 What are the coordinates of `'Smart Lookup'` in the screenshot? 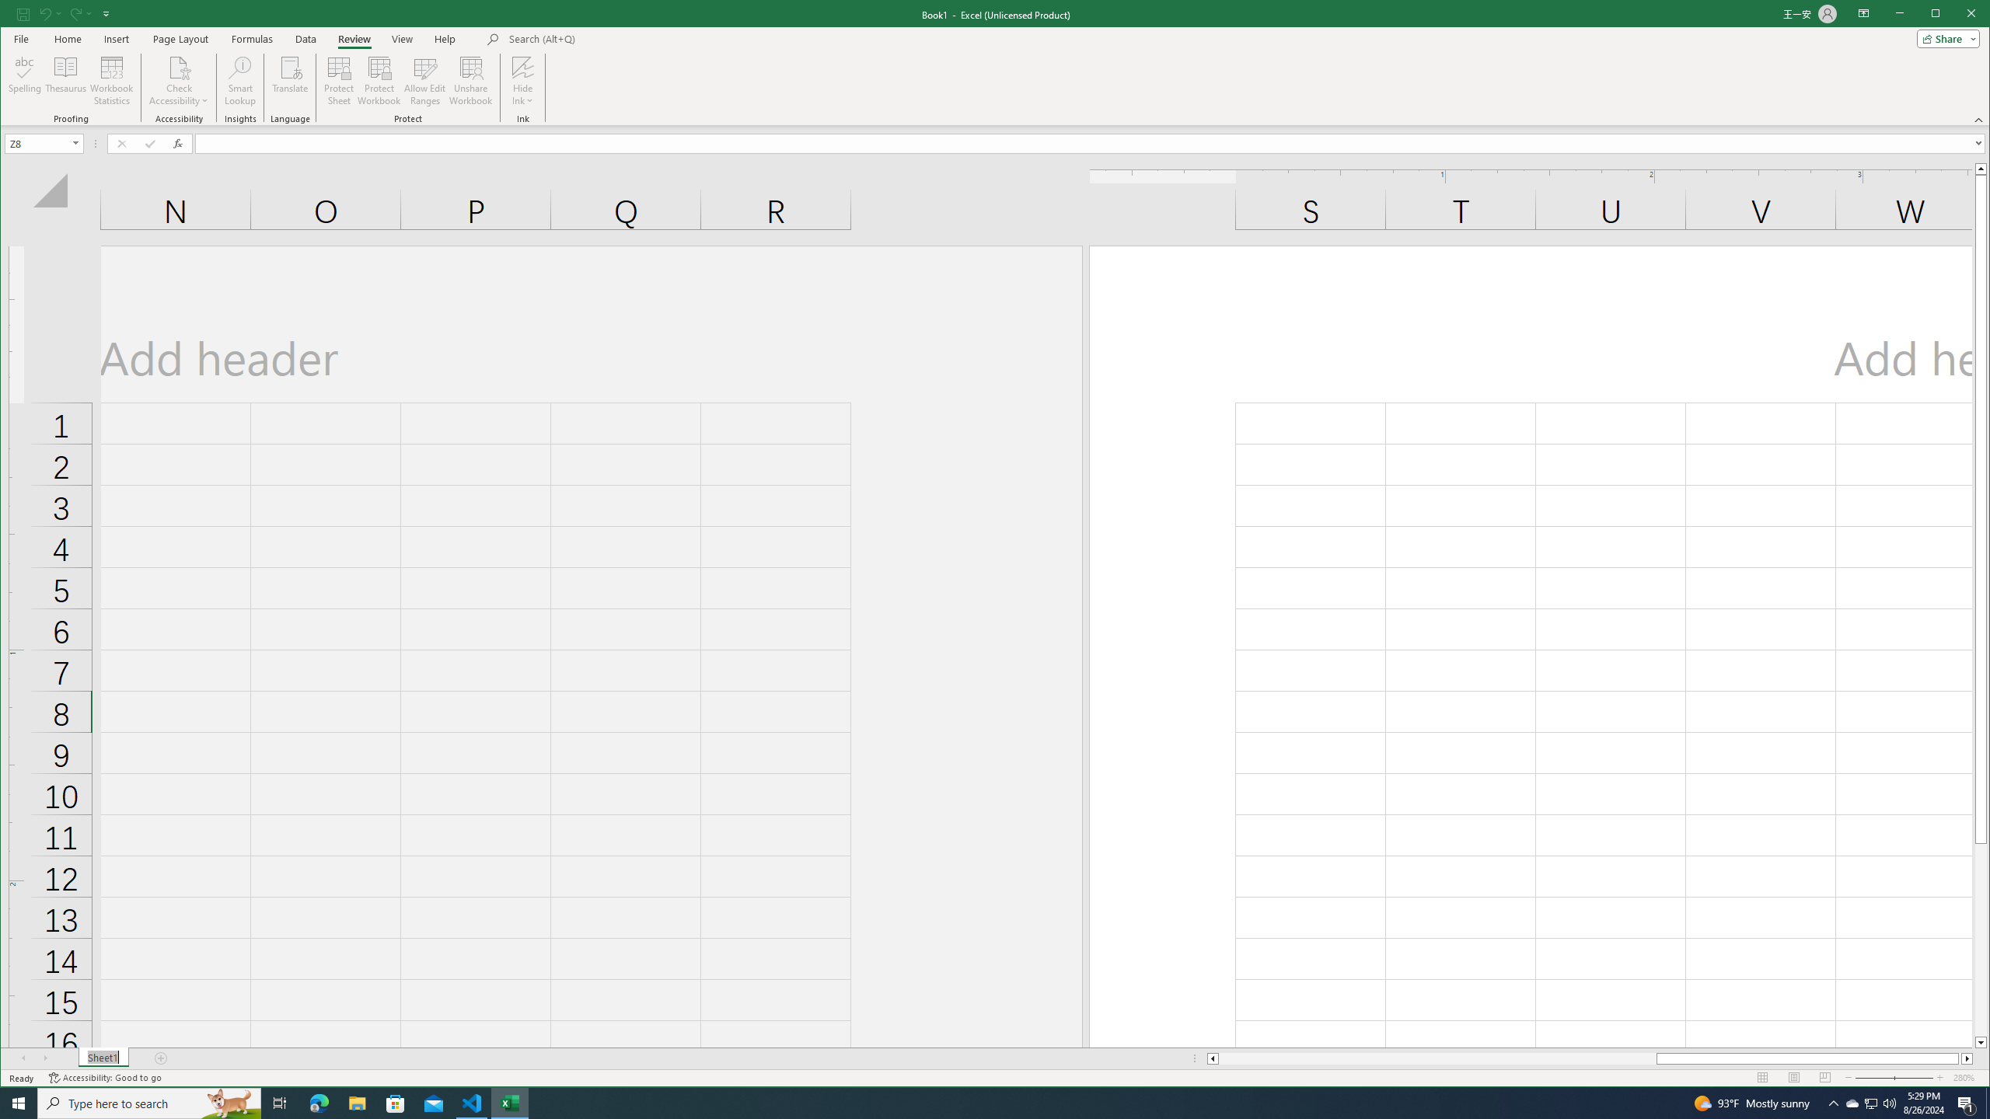 It's located at (240, 80).